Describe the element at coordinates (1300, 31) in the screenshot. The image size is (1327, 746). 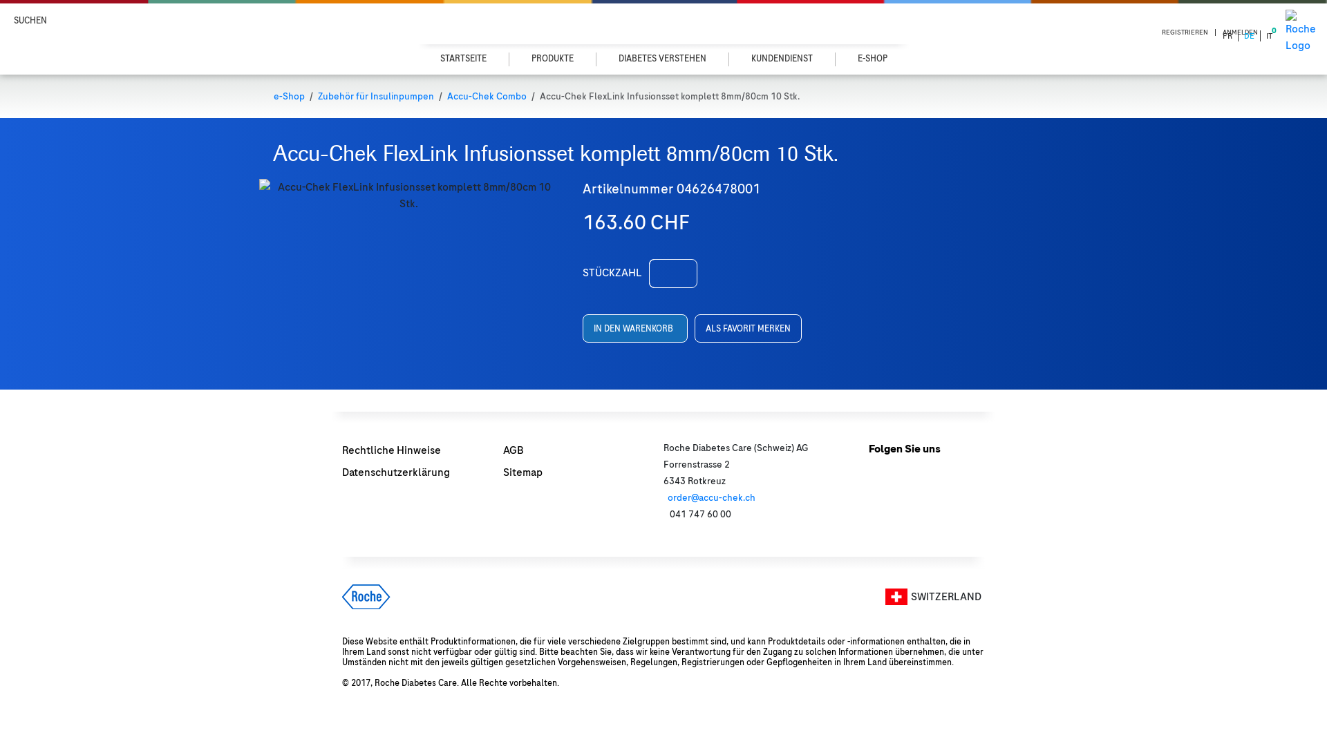
I see `'Roche Logo'` at that location.